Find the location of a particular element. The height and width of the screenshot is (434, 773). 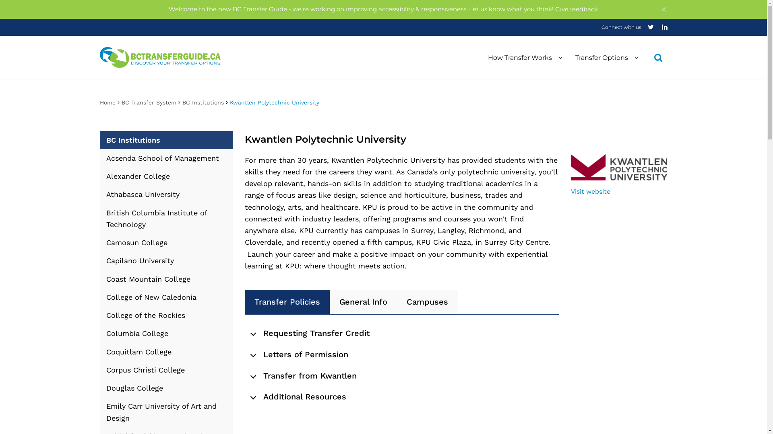

'Corpus Christi College' is located at coordinates (165, 370).